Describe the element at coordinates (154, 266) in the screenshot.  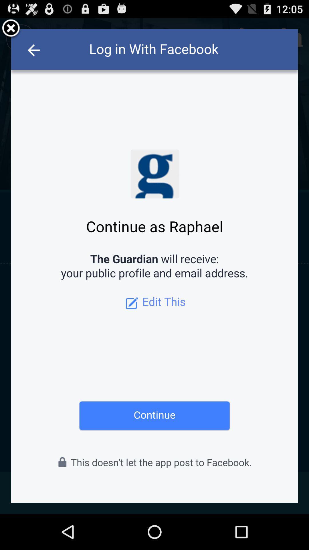
I see `guardian login` at that location.